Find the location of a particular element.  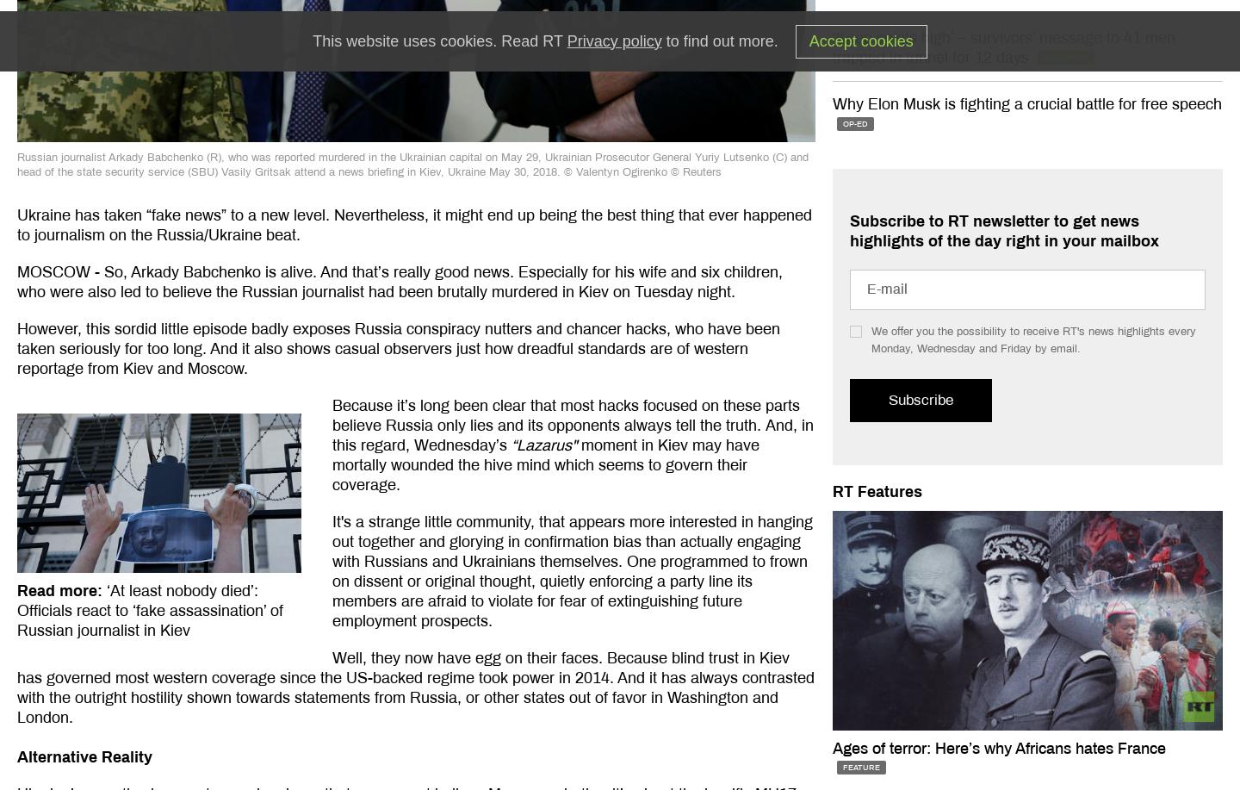

'Subscribe' is located at coordinates (920, 399).